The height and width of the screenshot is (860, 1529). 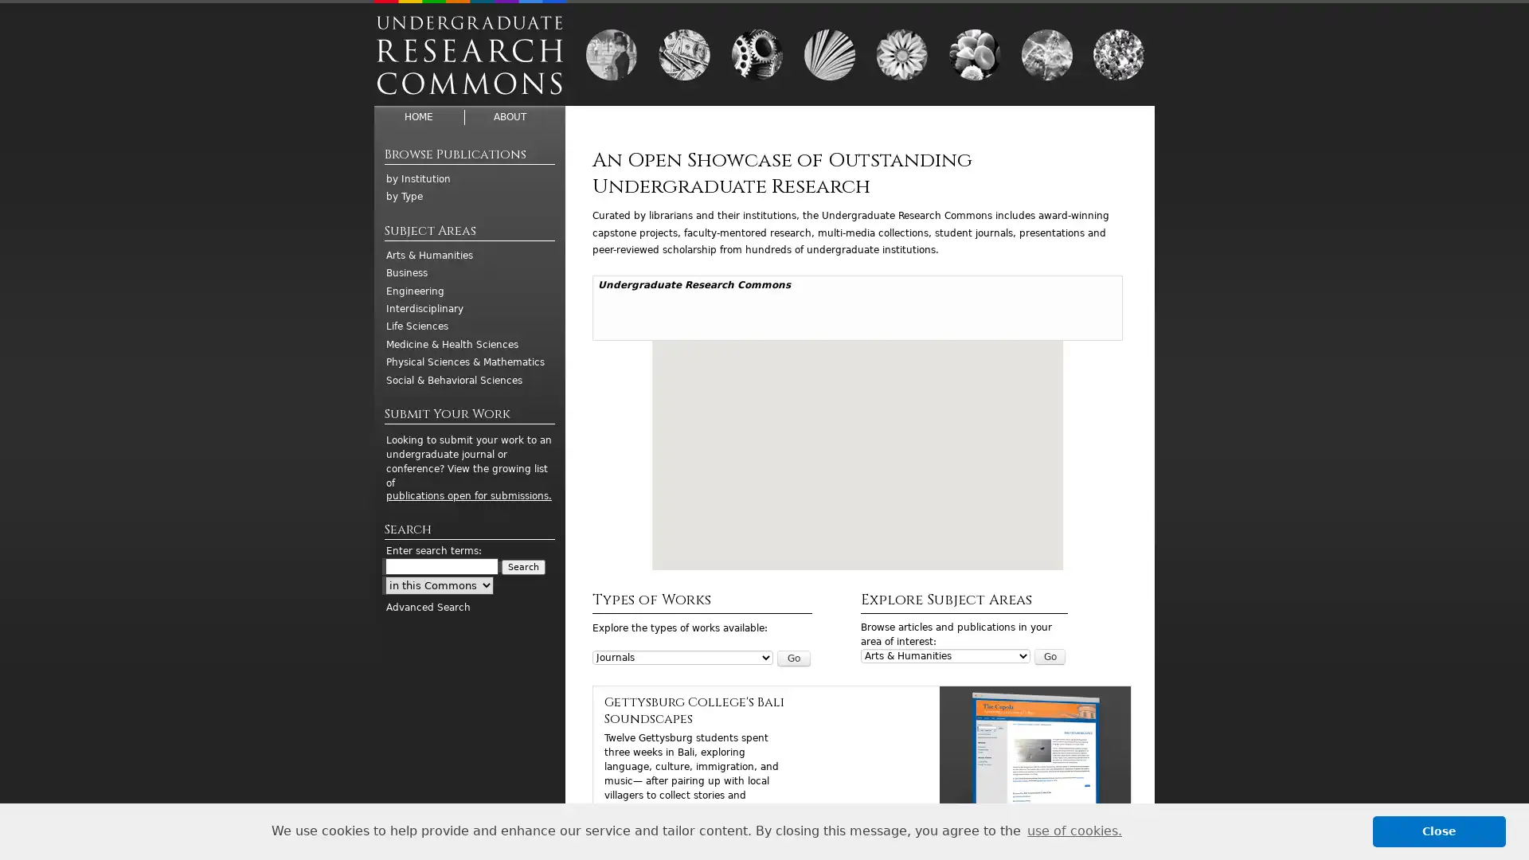 I want to click on learn more about cookies, so click(x=1073, y=831).